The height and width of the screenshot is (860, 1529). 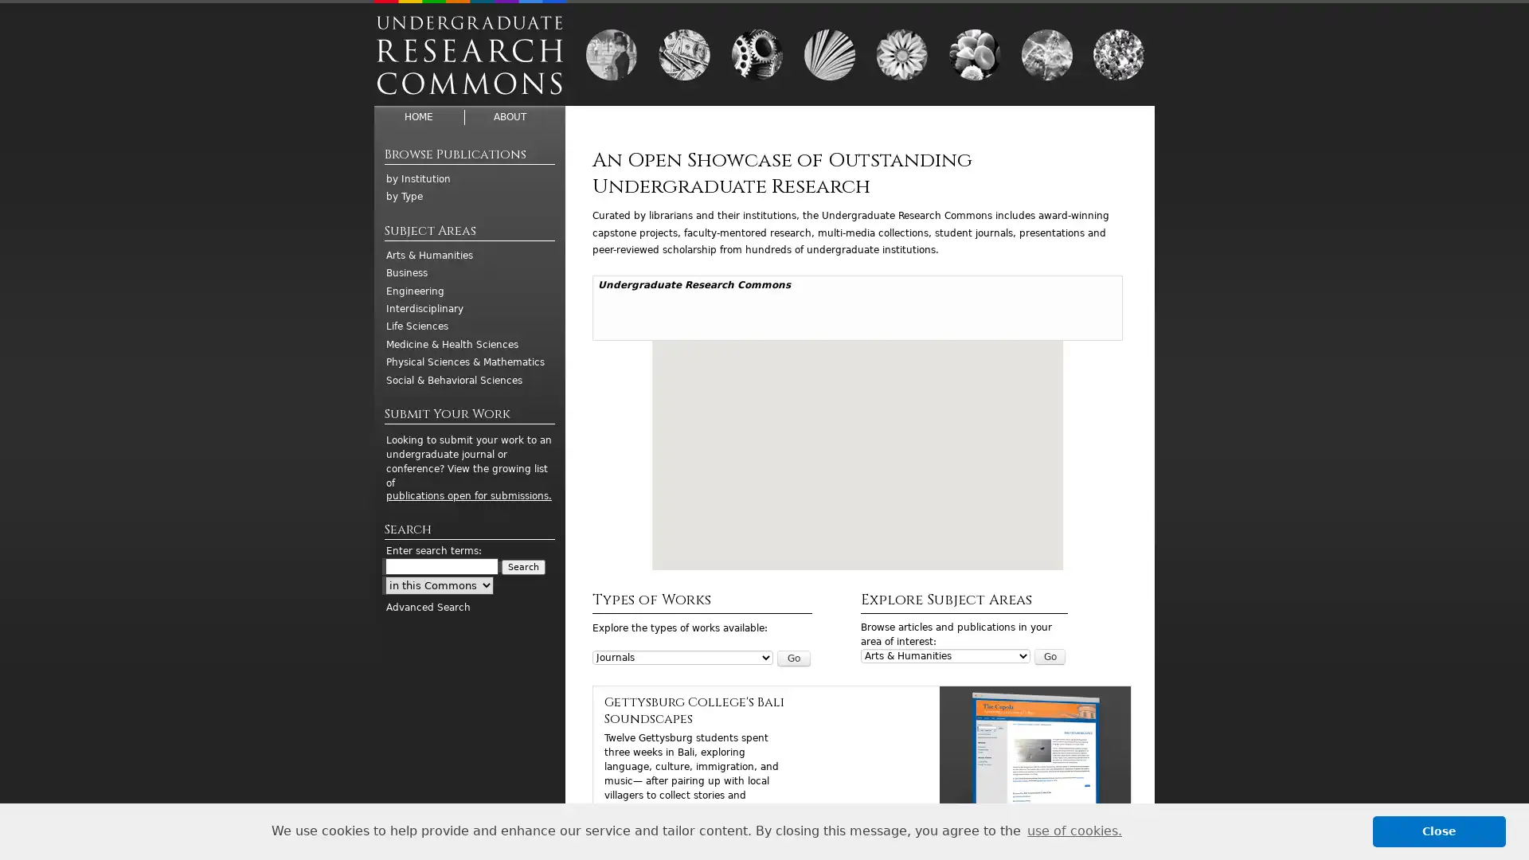 I want to click on learn more about cookies, so click(x=1073, y=831).